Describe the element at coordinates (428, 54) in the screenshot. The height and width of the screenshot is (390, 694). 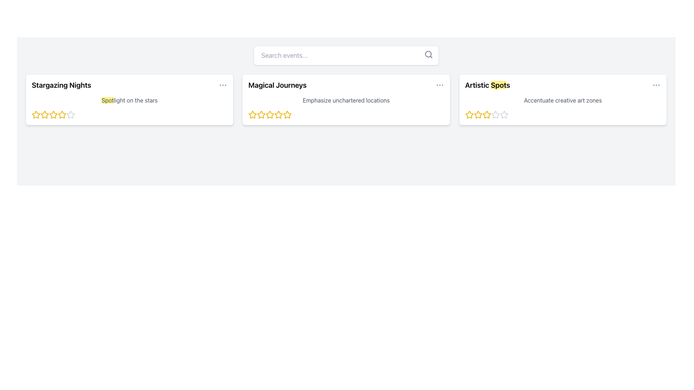
I see `the search icon located in the top-right corner of the search bar` at that location.